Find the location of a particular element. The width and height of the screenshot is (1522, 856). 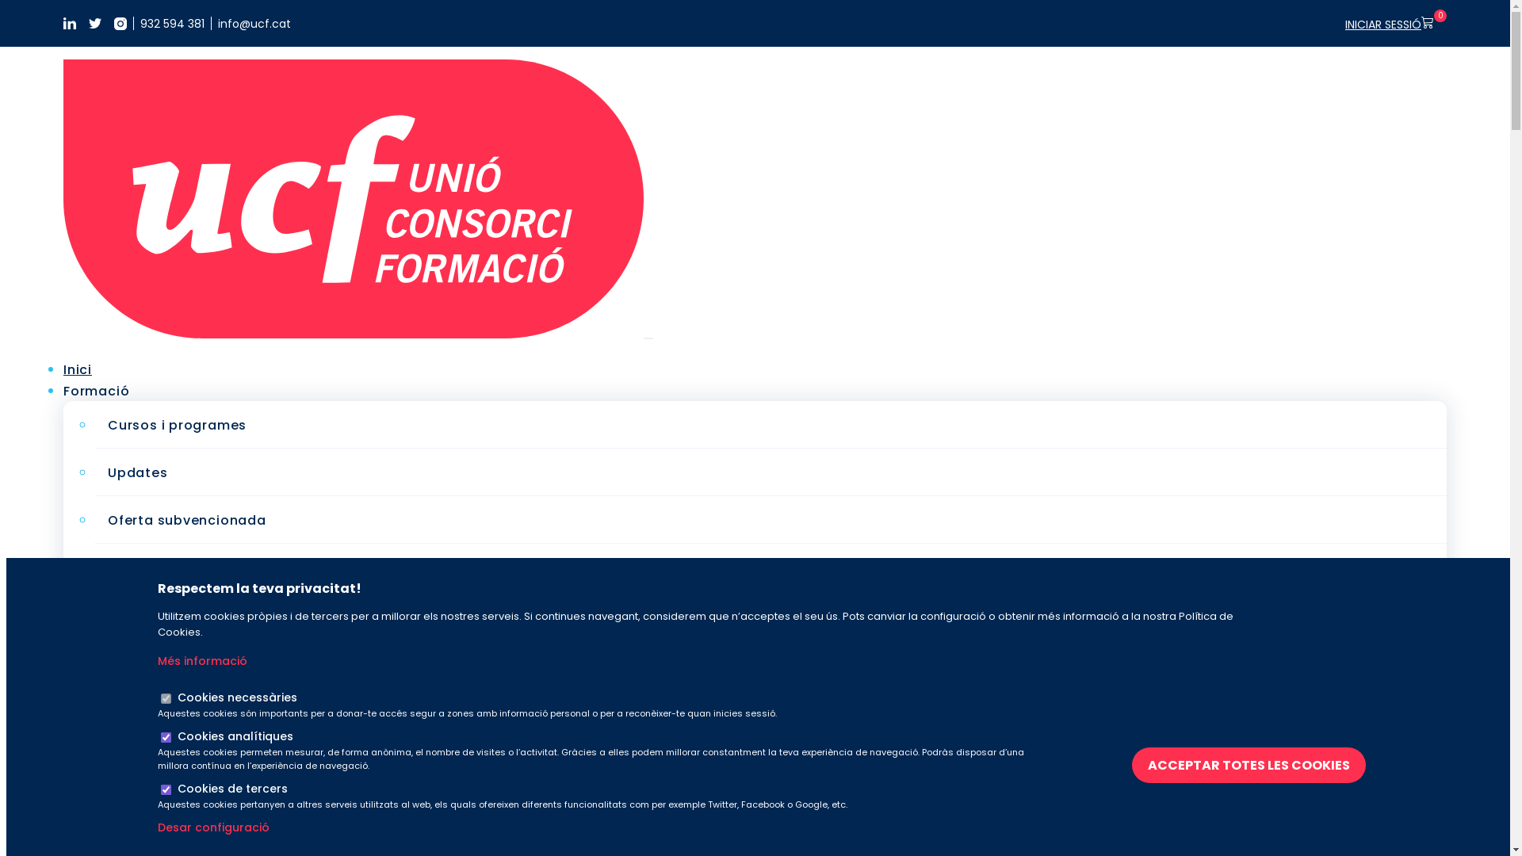

'https://twitter.com/UCFormacio' is located at coordinates (87, 24).